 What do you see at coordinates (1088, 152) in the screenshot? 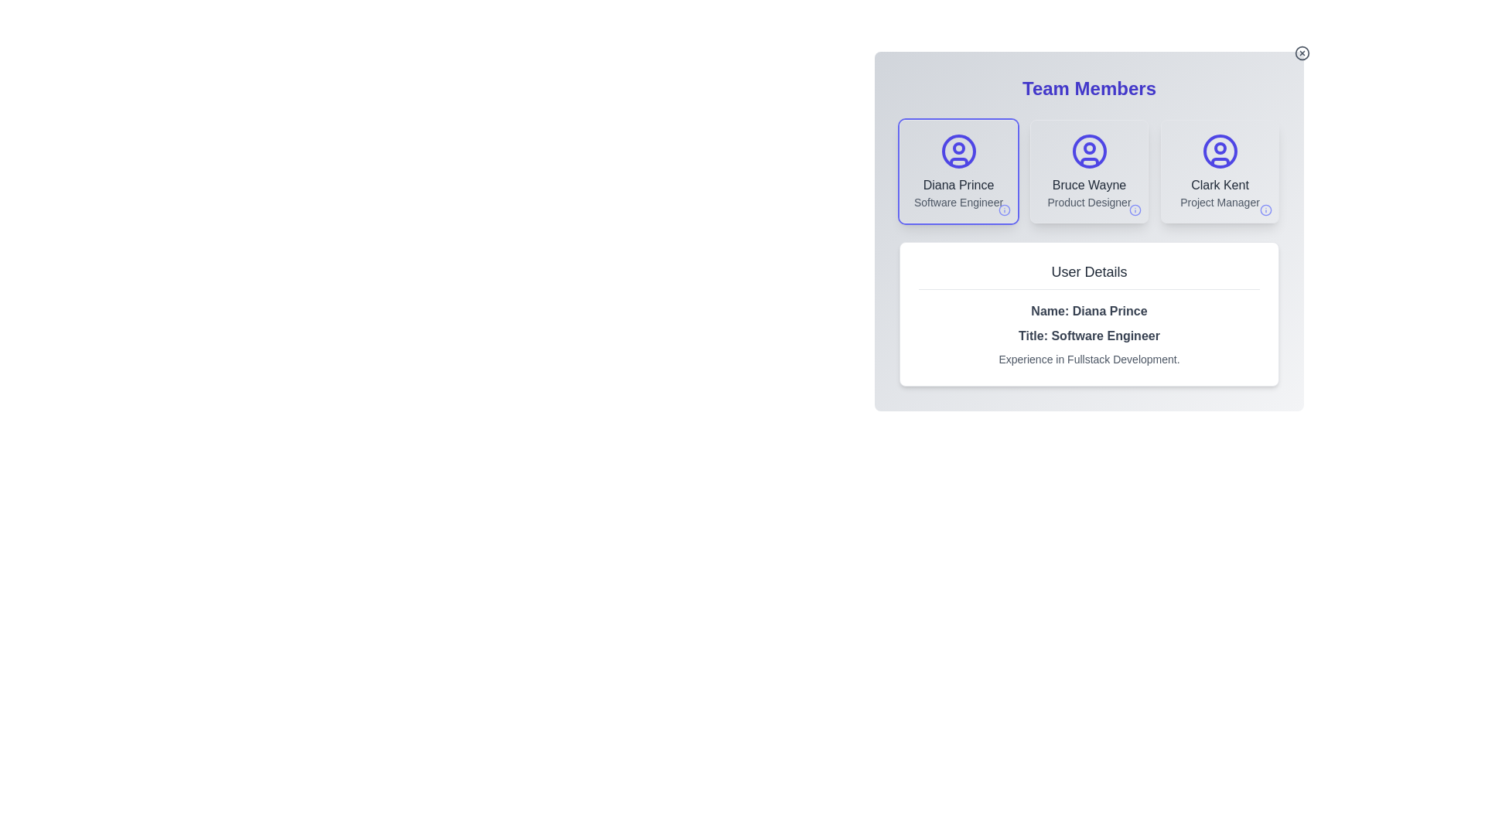
I see `the SVG graphical element (circle) representing a user's icon in the Team Members profile card` at bounding box center [1088, 152].